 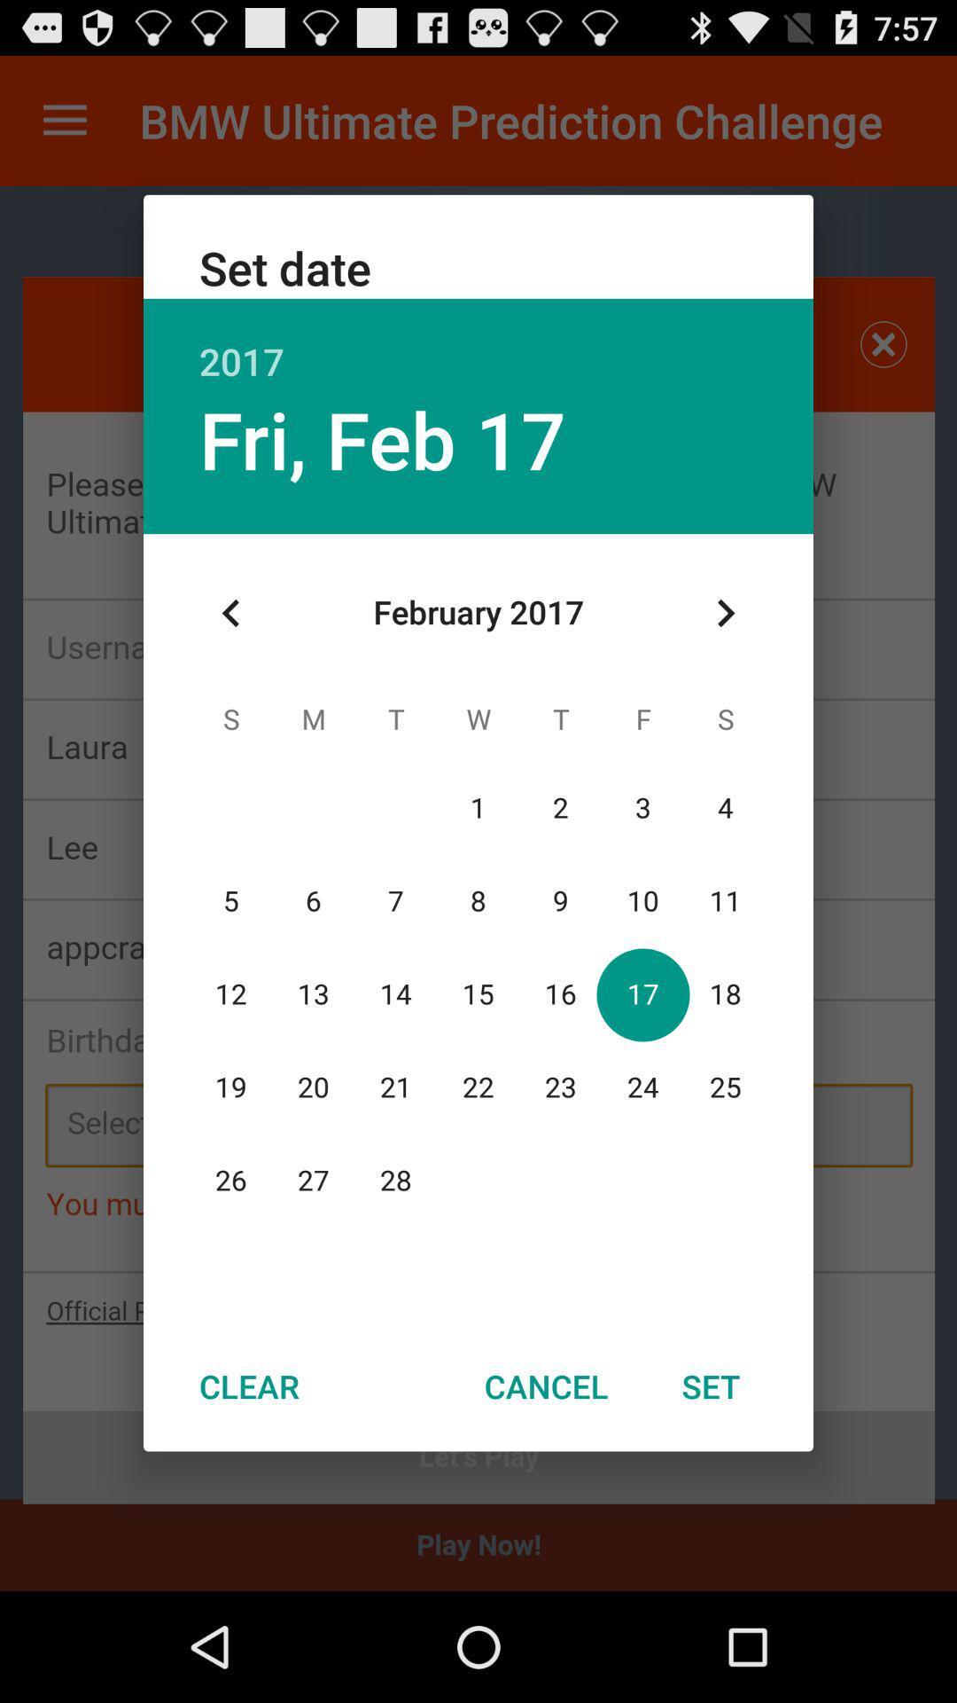 I want to click on item next to clear item, so click(x=545, y=1385).